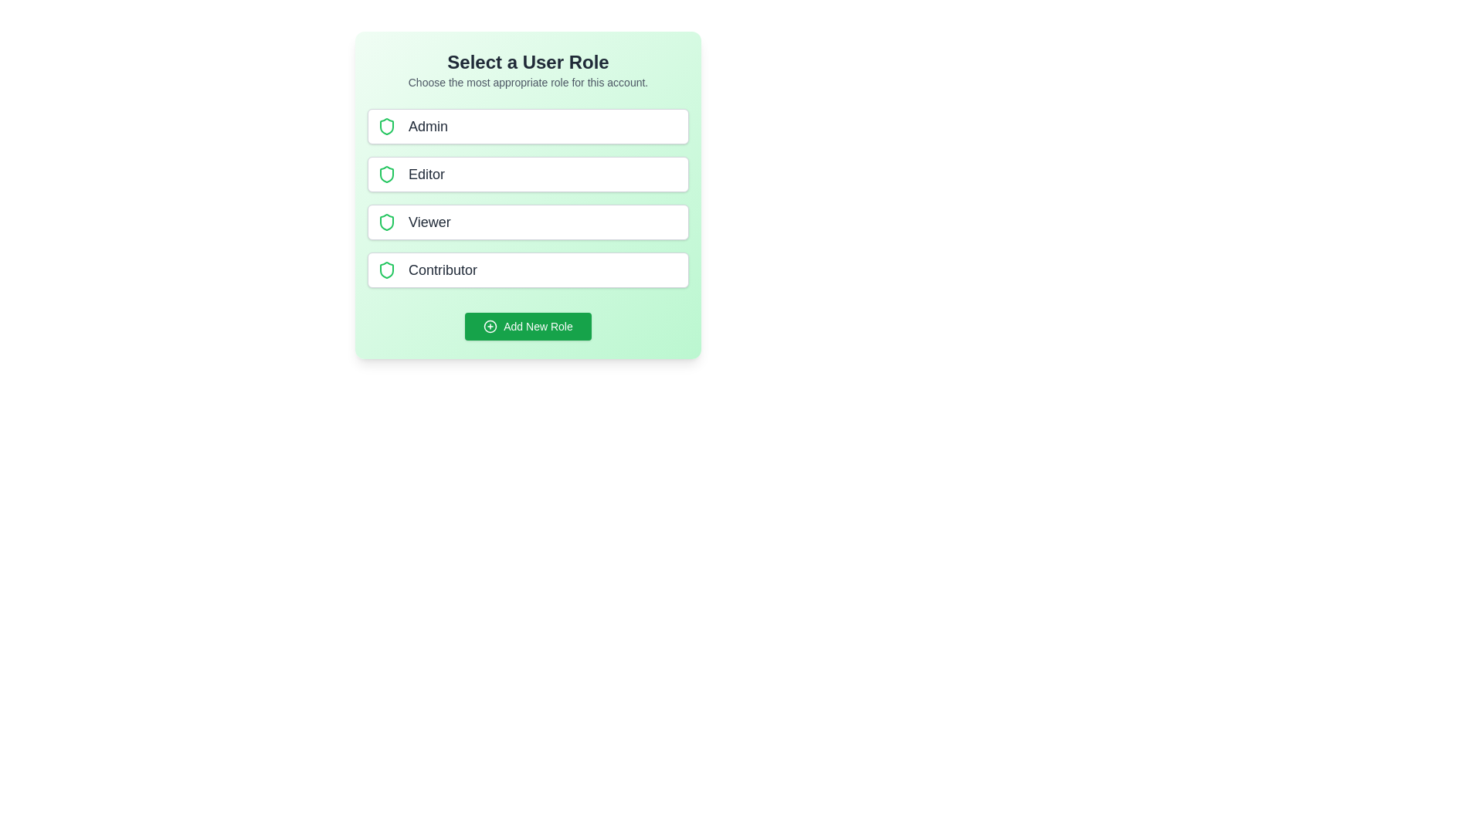  What do you see at coordinates (386, 222) in the screenshot?
I see `the icon next to the role Viewer for examination` at bounding box center [386, 222].